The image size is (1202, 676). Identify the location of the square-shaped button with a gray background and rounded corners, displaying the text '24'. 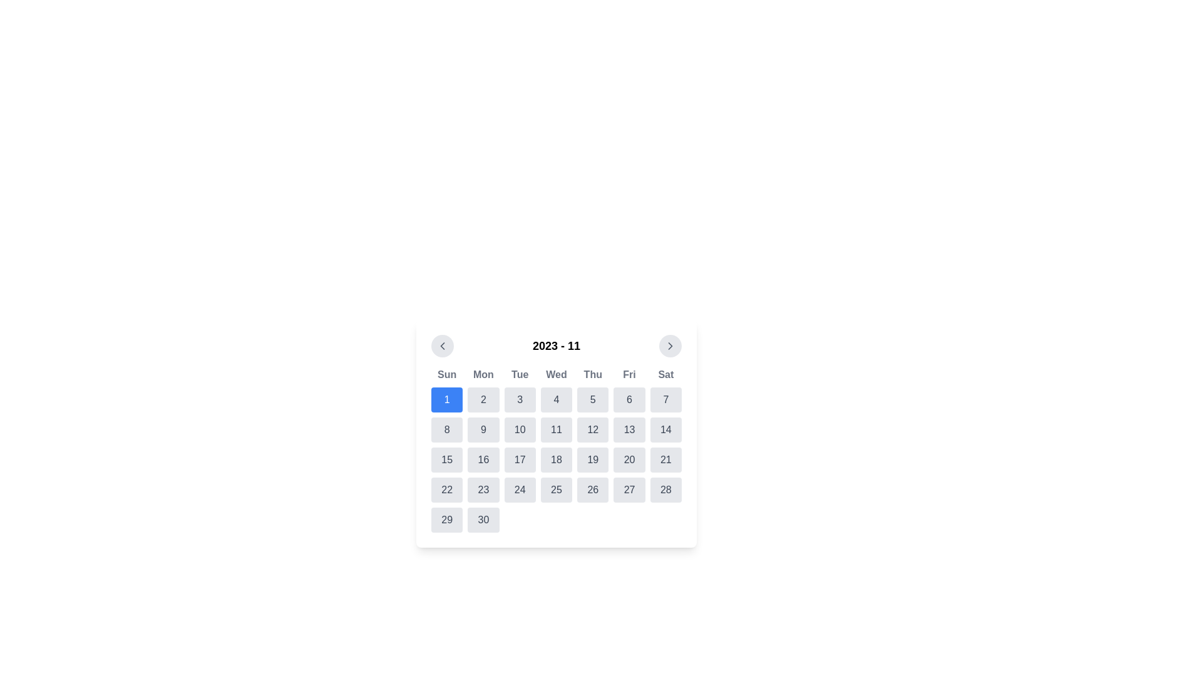
(520, 489).